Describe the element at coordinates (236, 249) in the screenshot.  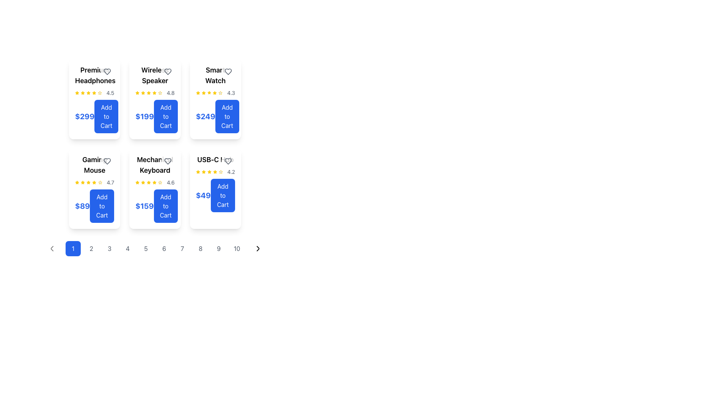
I see `the pagination button that navigates to the tenth page of the content displayed` at that location.